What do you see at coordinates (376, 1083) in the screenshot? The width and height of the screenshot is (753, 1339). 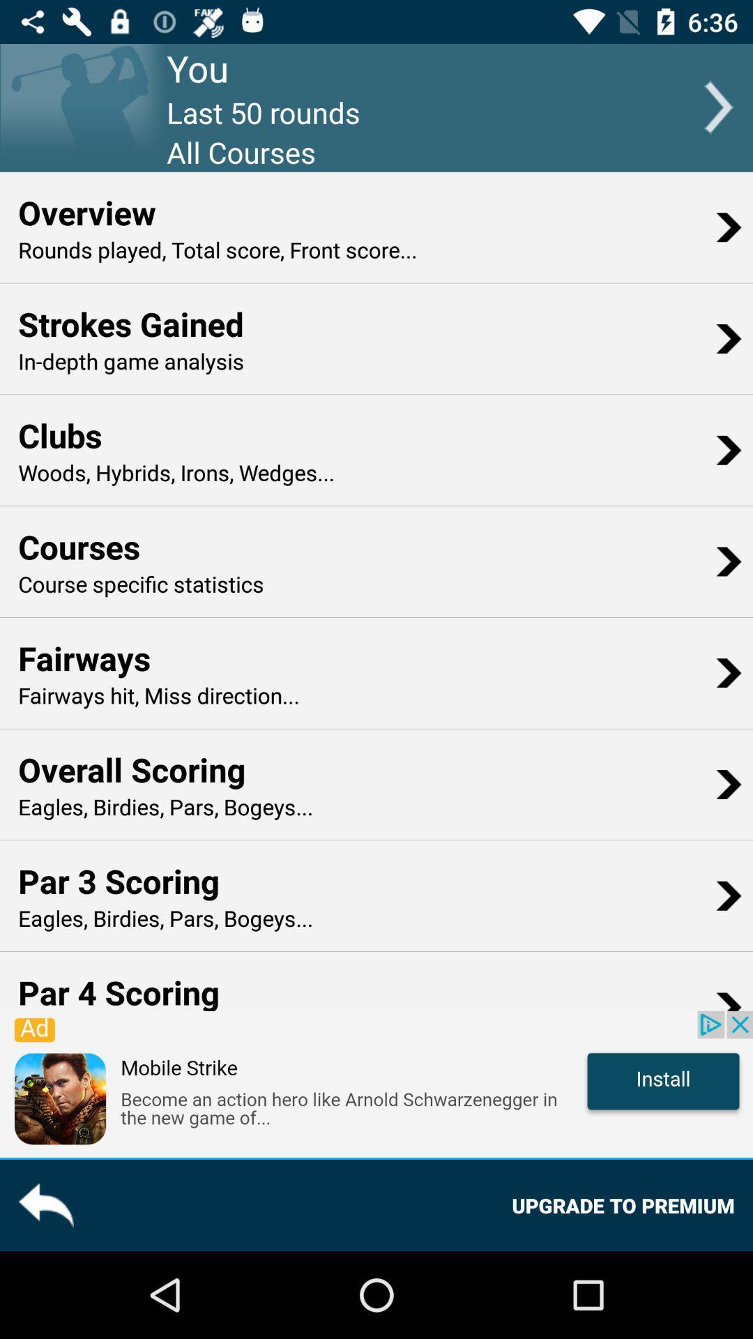 I see `mobile strike advertisement` at bounding box center [376, 1083].